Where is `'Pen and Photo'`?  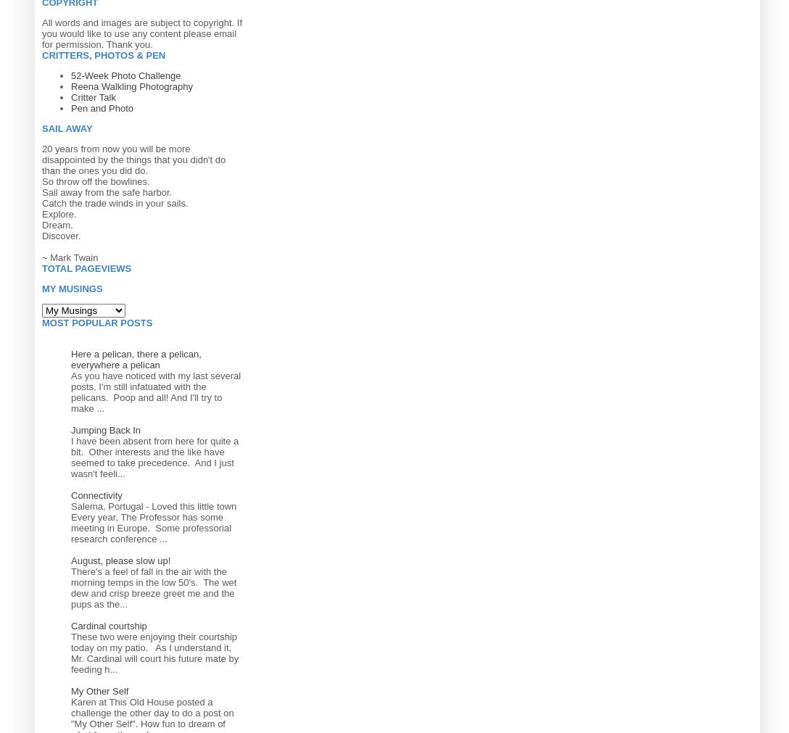
'Pen and Photo' is located at coordinates (71, 107).